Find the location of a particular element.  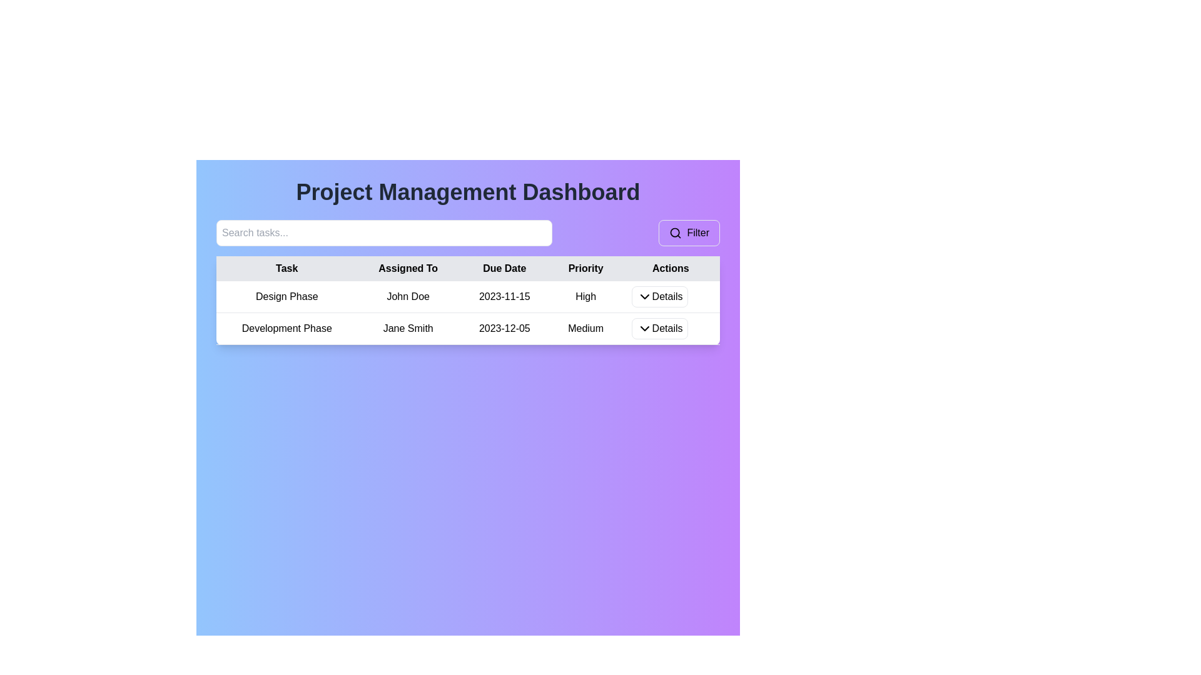

the search/filter icon is located at coordinates (675, 233).